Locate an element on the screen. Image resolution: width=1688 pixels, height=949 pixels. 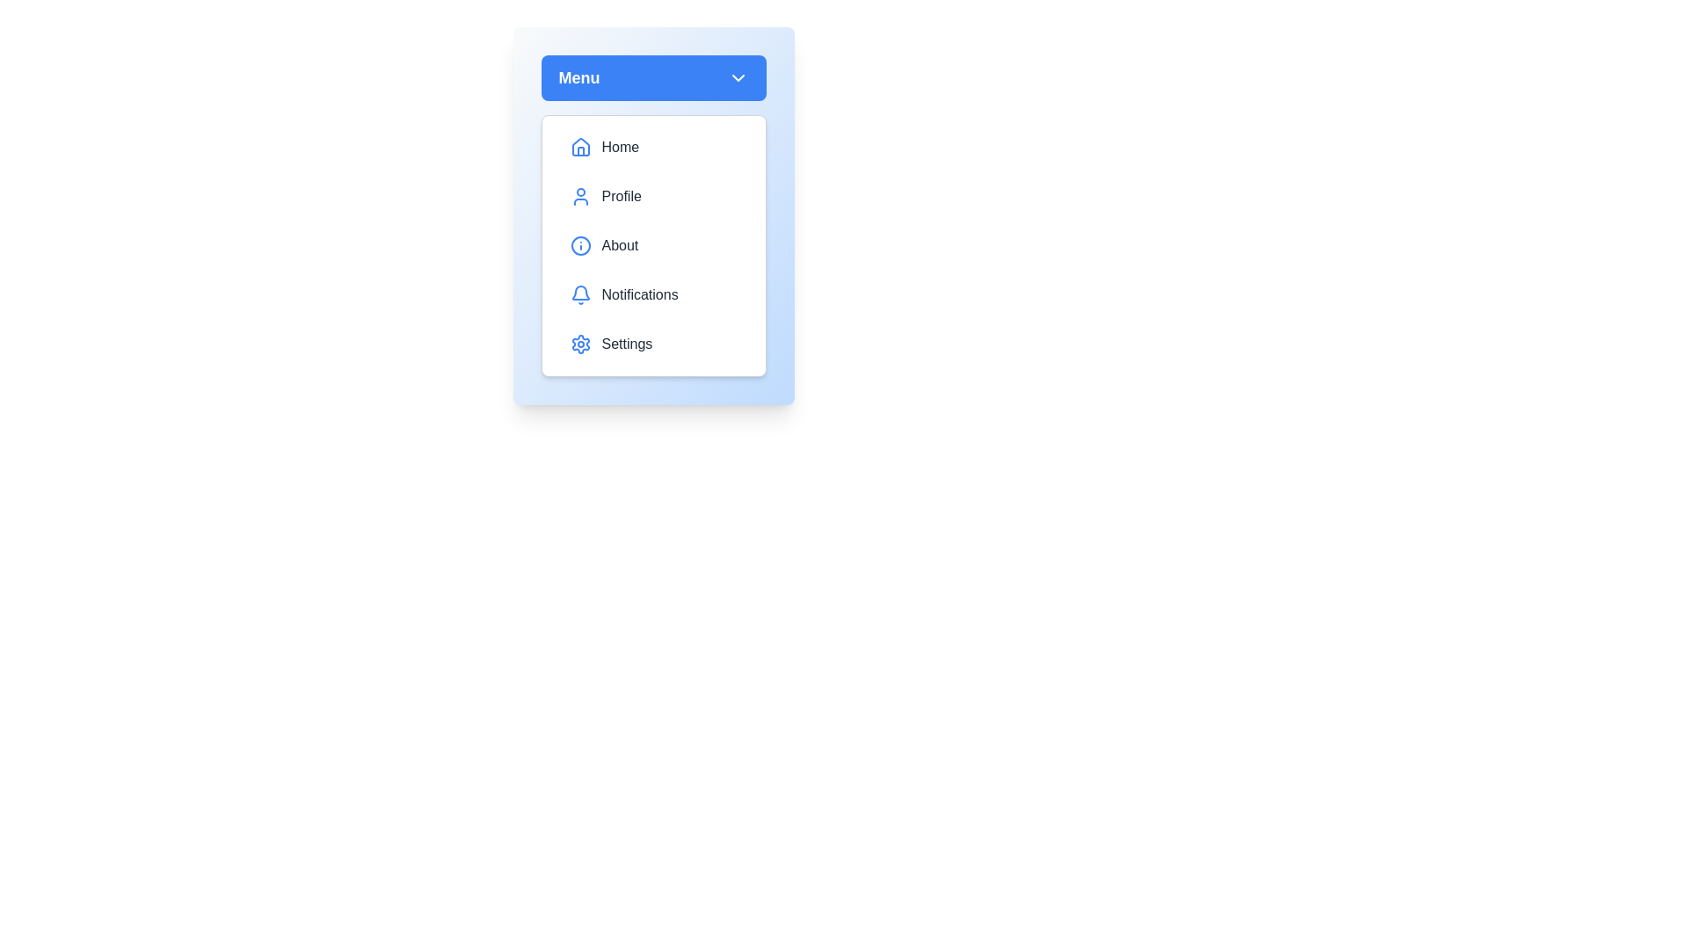
the menu item Notifications from the menu is located at coordinates (652, 293).